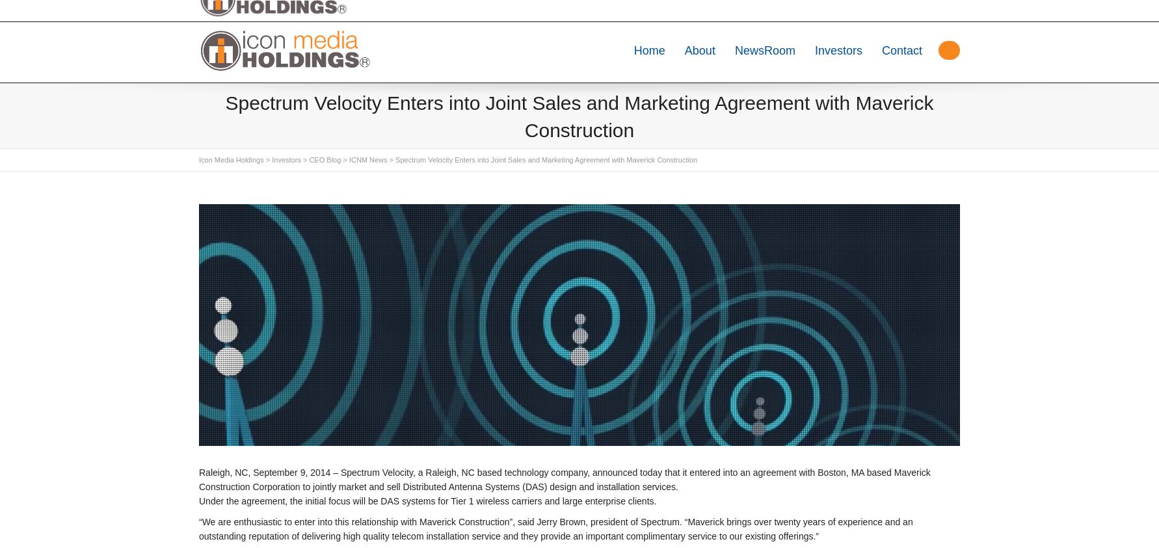 This screenshot has width=1159, height=548. What do you see at coordinates (224, 9) in the screenshot?
I see `'Twitter'` at bounding box center [224, 9].